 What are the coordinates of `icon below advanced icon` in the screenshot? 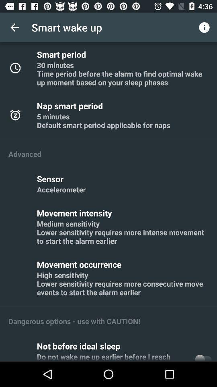 It's located at (51, 179).